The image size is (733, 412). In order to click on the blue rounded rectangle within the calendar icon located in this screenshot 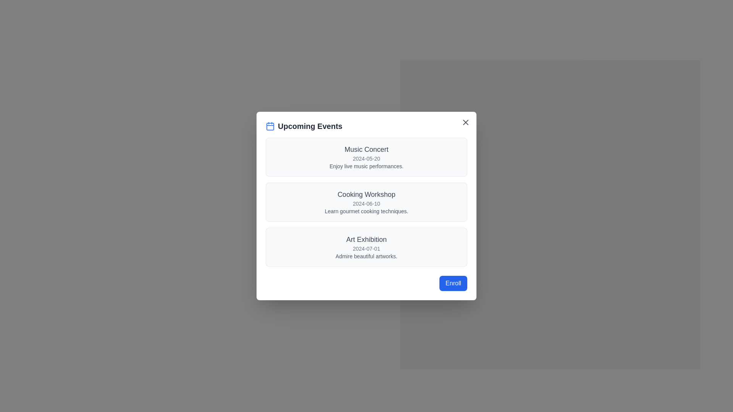, I will do `click(270, 126)`.